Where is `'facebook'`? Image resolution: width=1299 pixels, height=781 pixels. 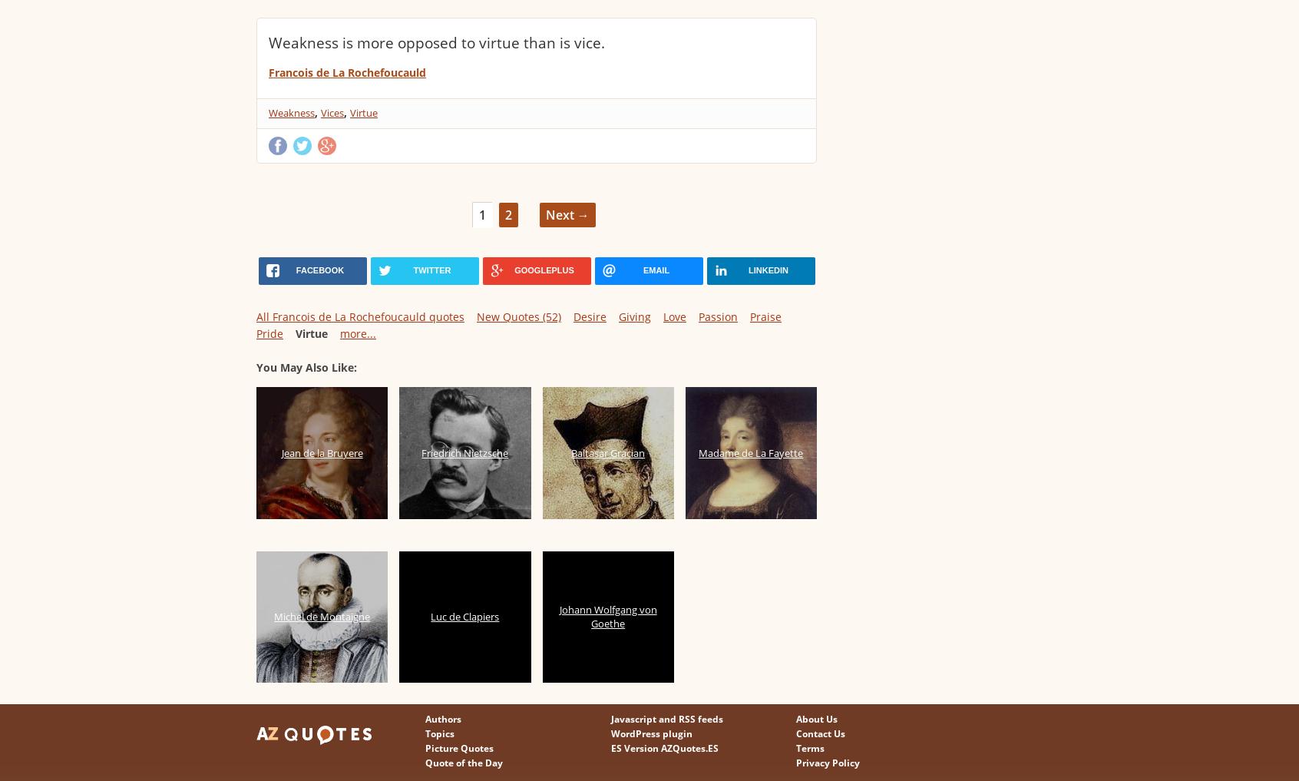 'facebook' is located at coordinates (319, 269).